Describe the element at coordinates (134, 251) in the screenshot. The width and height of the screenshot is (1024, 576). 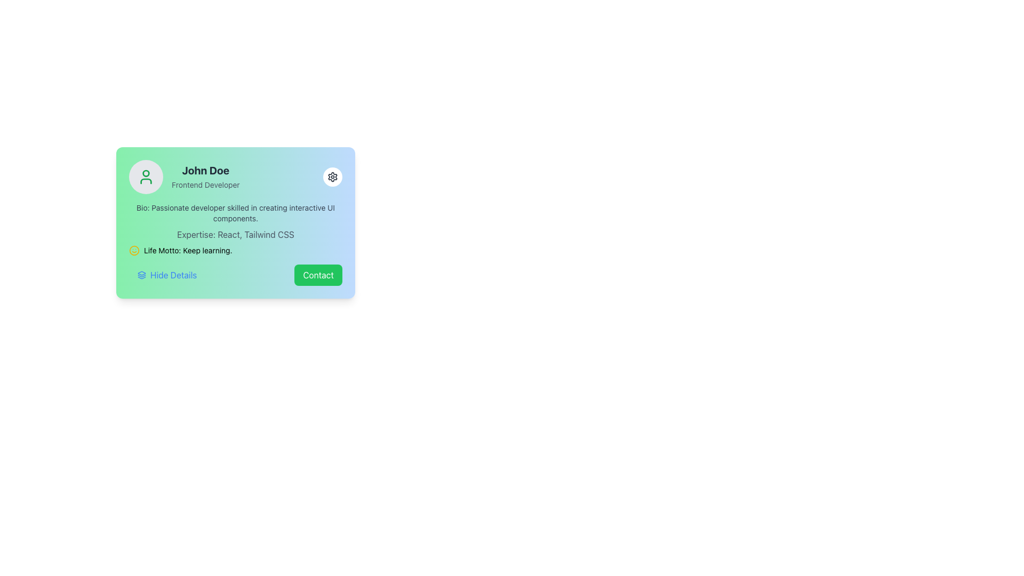
I see `the yellow circular smiley face icon located to the left of the text 'Life Motto: Keep learning.'` at that location.